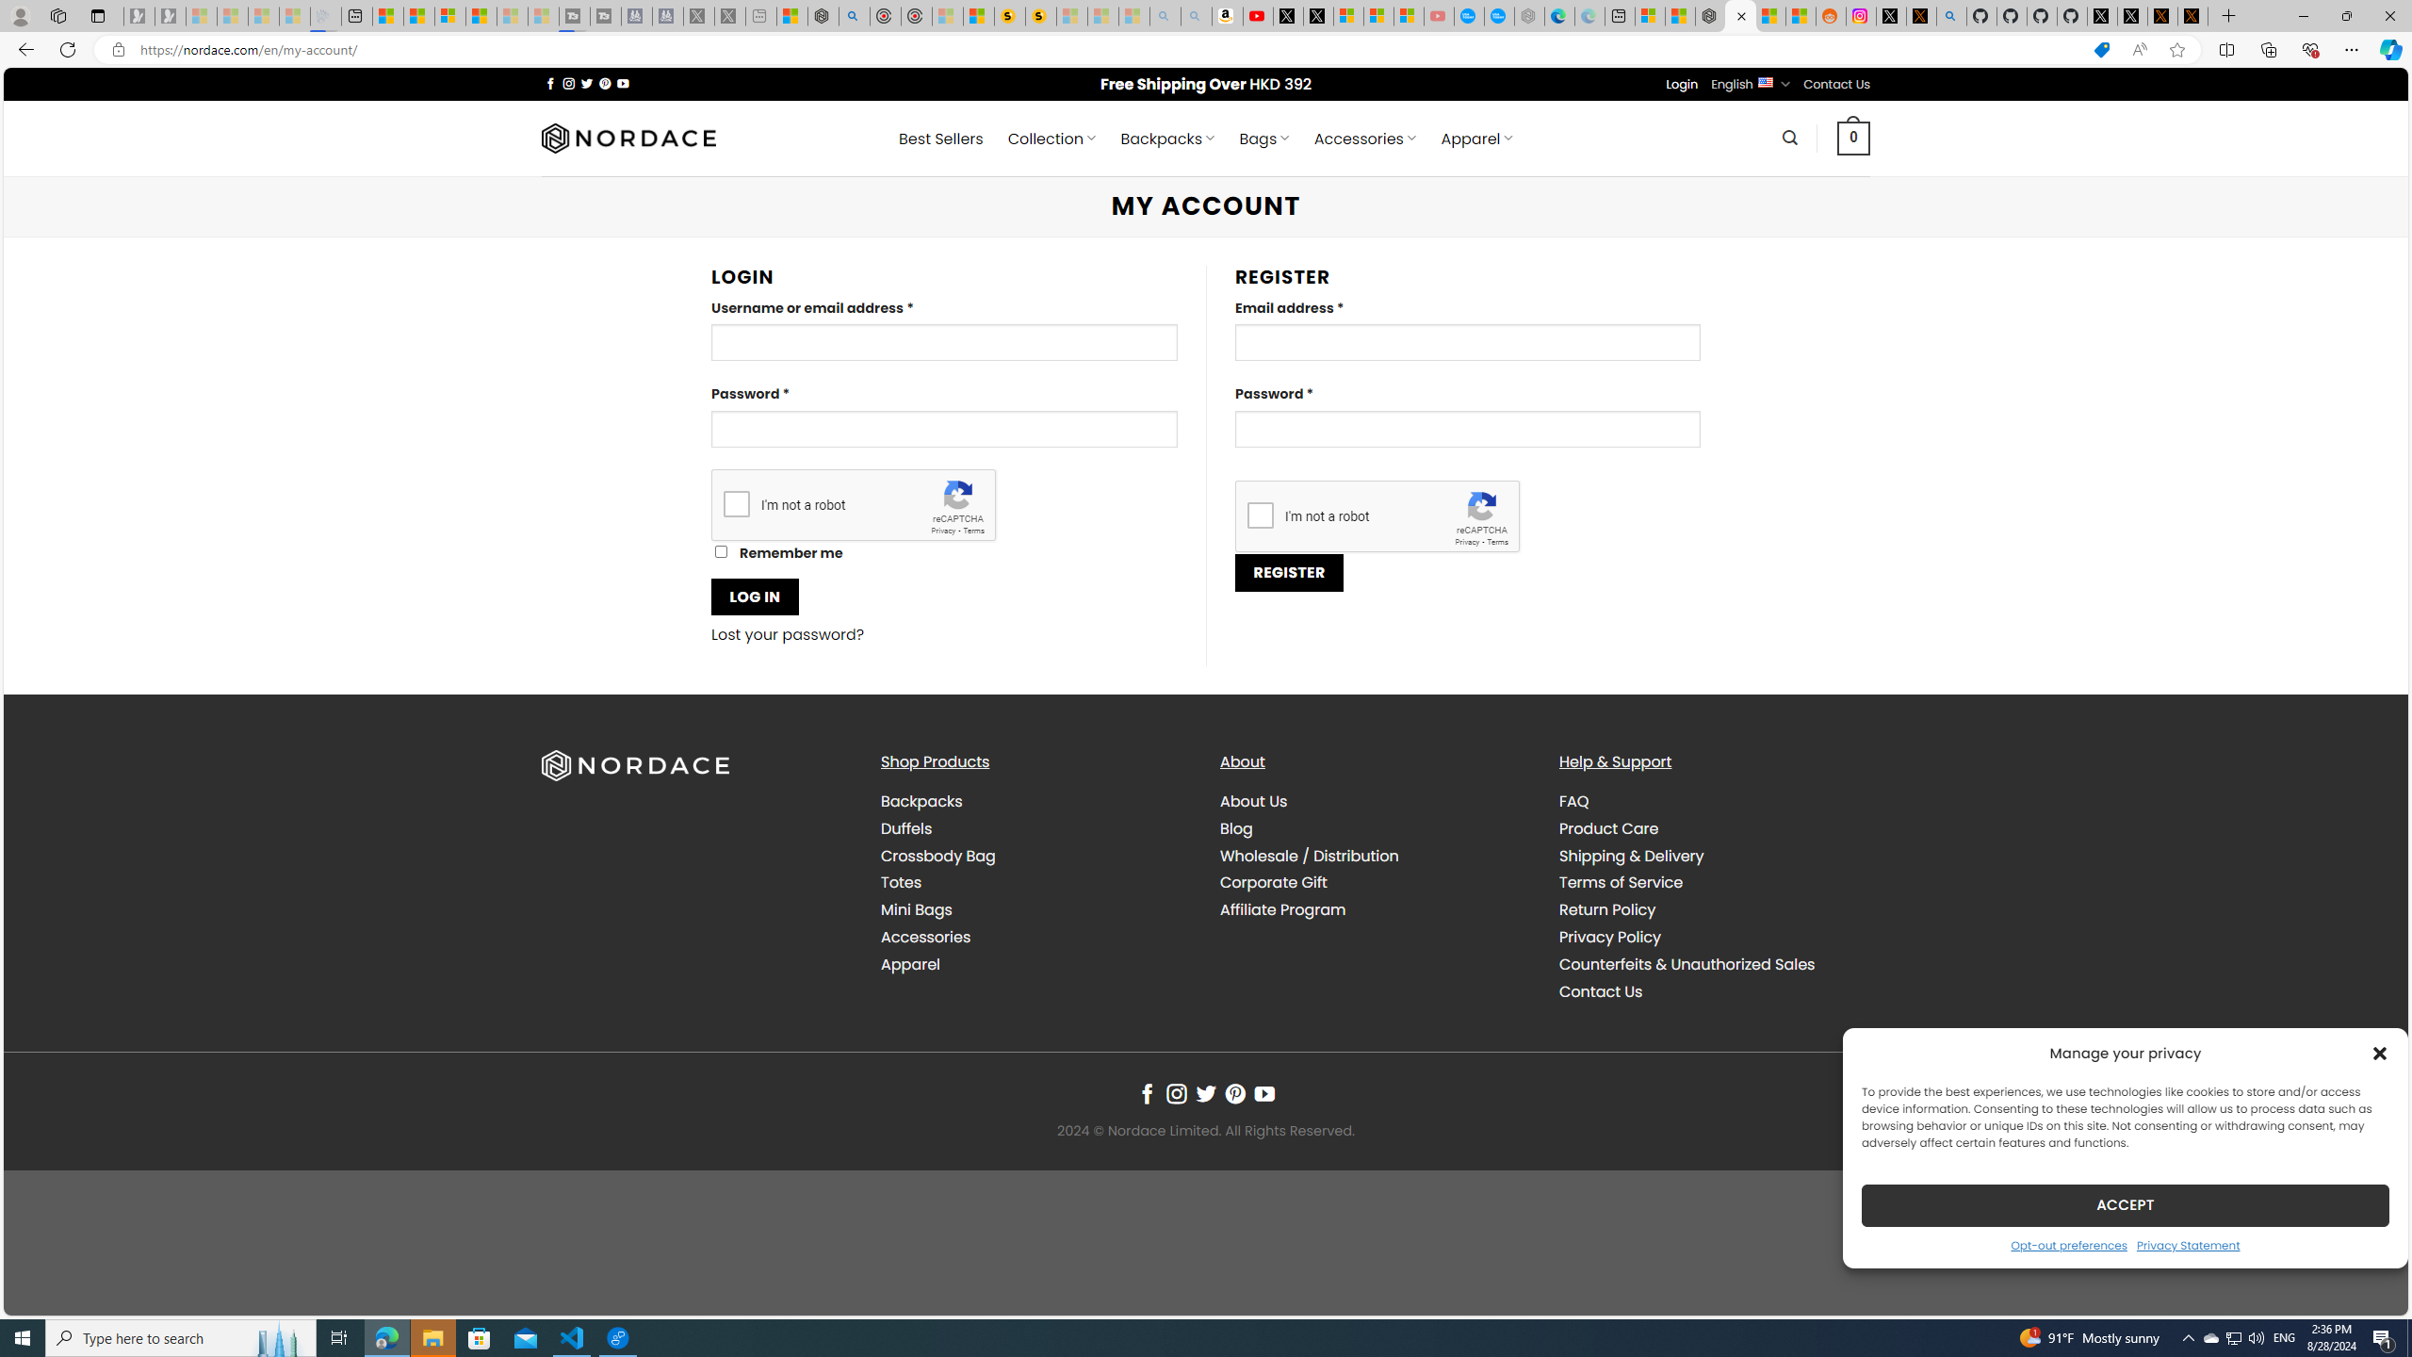  What do you see at coordinates (1801, 15) in the screenshot?
I see `'Shanghai, China Weather trends | Microsoft Weather'` at bounding box center [1801, 15].